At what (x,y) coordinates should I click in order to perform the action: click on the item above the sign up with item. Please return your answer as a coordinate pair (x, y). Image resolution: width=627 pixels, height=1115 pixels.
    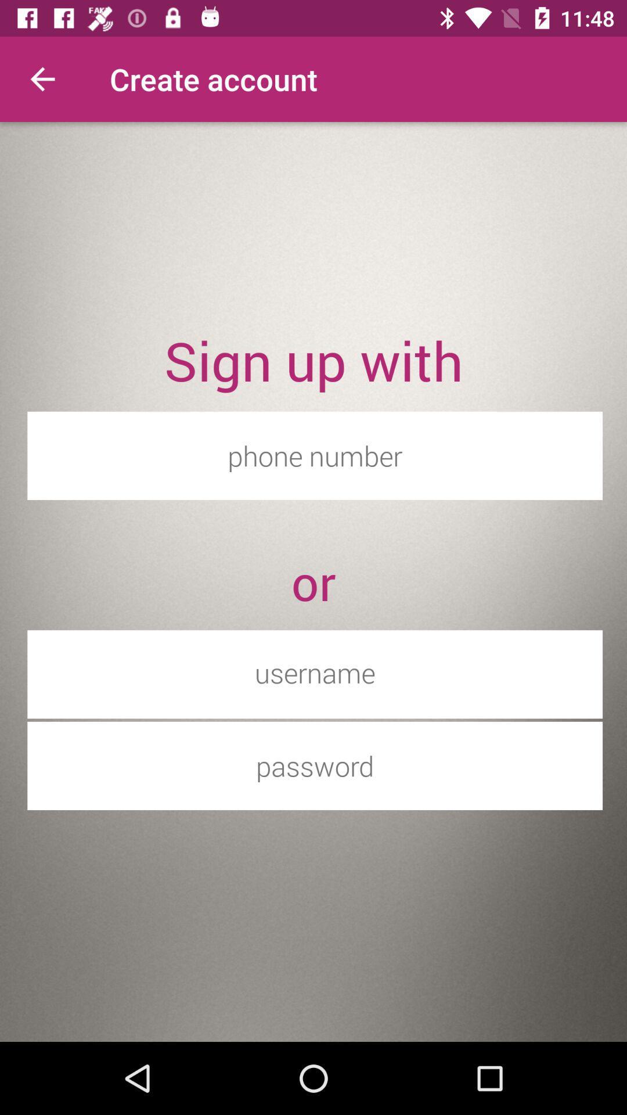
    Looking at the image, I should click on (42, 78).